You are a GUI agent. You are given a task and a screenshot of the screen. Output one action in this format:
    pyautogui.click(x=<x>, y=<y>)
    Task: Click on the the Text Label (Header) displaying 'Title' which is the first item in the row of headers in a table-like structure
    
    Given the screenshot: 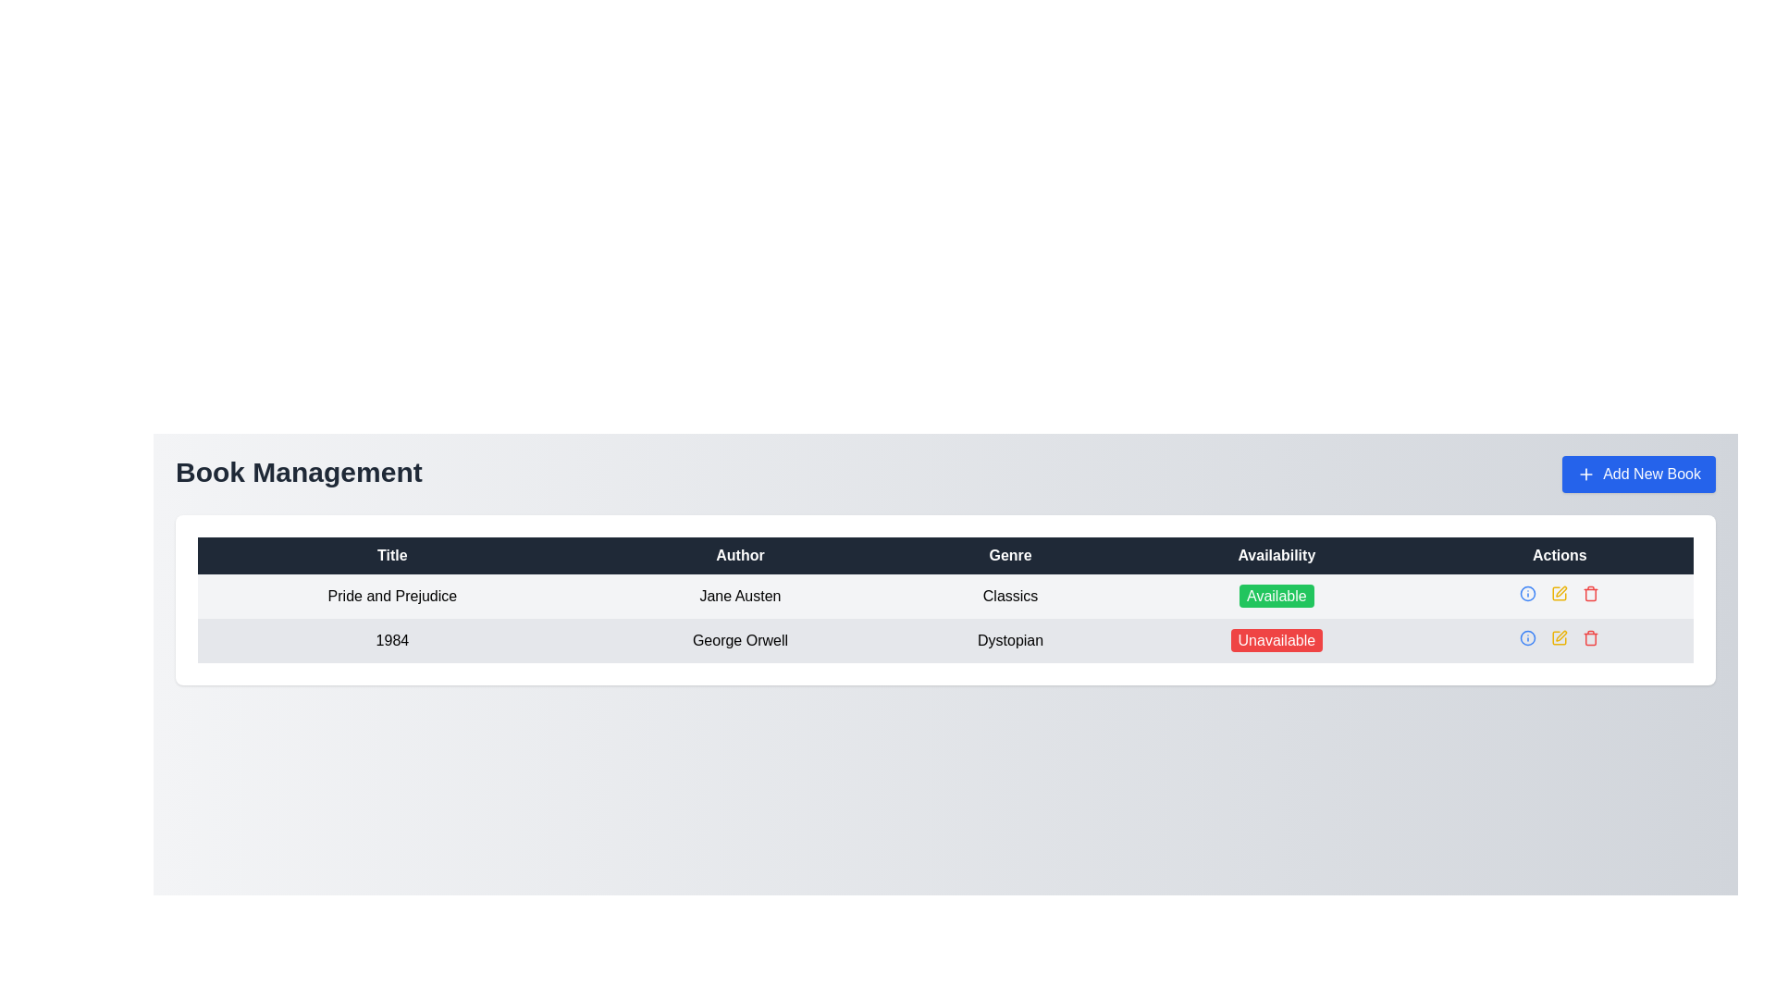 What is the action you would take?
    pyautogui.click(x=391, y=555)
    